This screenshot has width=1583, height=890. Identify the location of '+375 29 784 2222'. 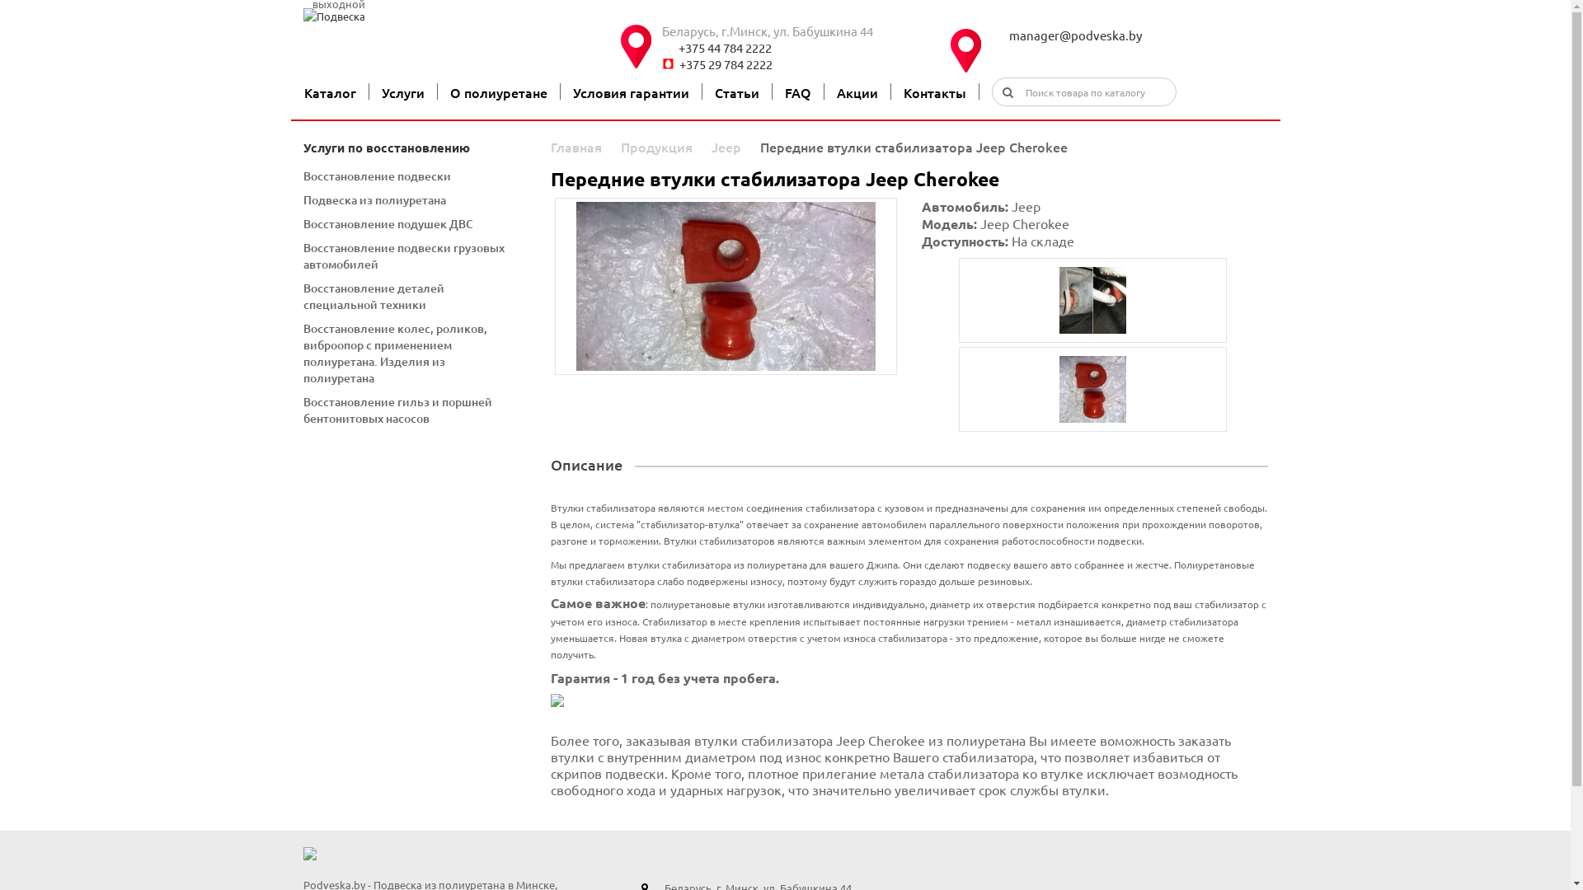
(806, 63).